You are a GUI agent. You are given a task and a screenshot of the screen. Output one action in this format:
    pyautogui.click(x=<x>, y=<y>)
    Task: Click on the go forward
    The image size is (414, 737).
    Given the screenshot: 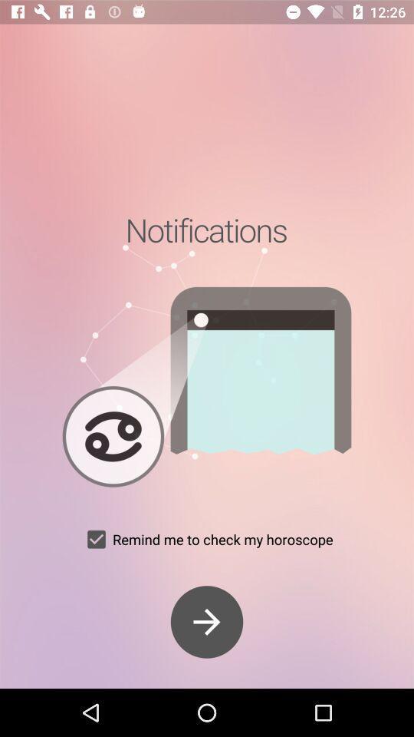 What is the action you would take?
    pyautogui.click(x=207, y=622)
    